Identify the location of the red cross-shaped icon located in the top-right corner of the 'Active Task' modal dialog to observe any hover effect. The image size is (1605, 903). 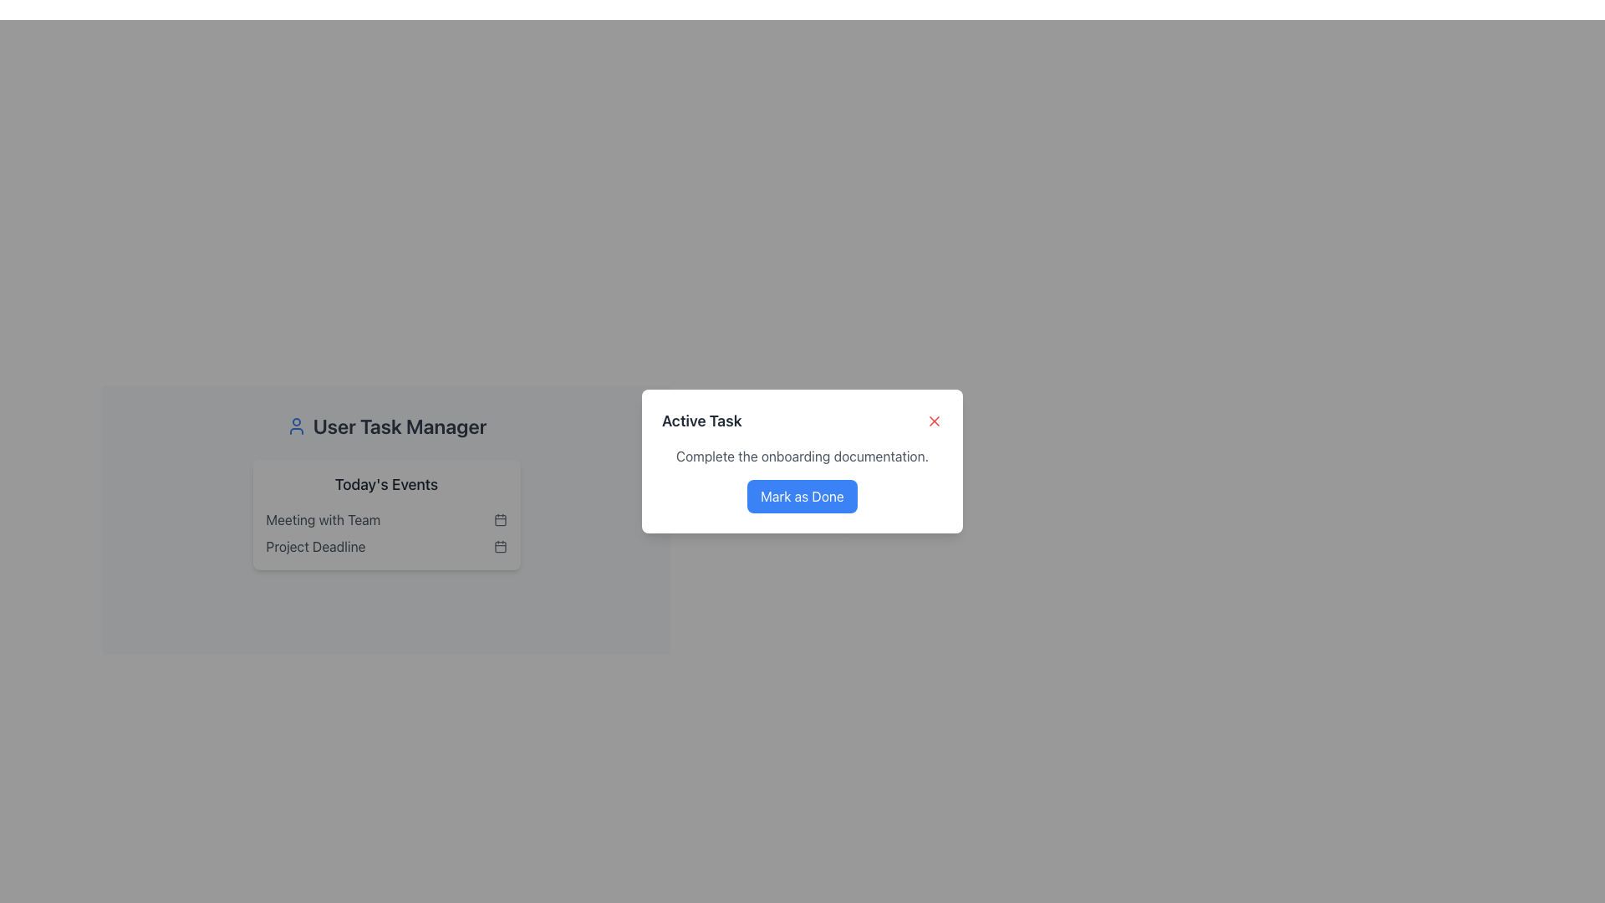
(934, 421).